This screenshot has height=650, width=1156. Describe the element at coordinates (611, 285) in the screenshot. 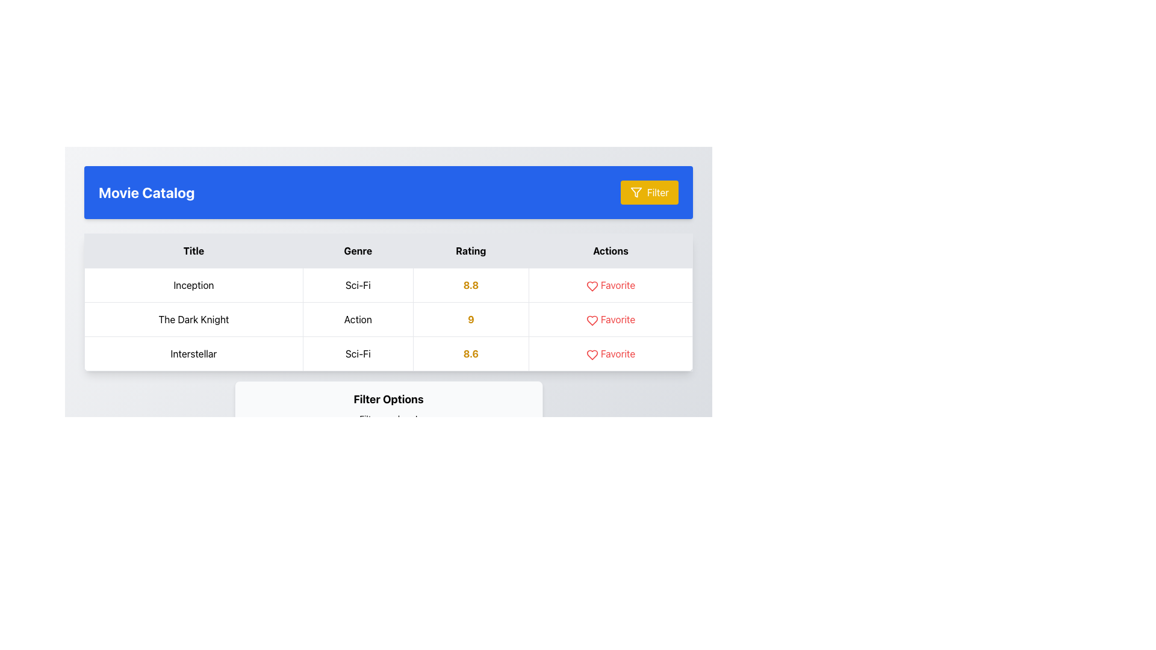

I see `the Interactive Link that marks a movie as a favorite, located in the 'Actions' column next to the rating value '8.8'` at that location.